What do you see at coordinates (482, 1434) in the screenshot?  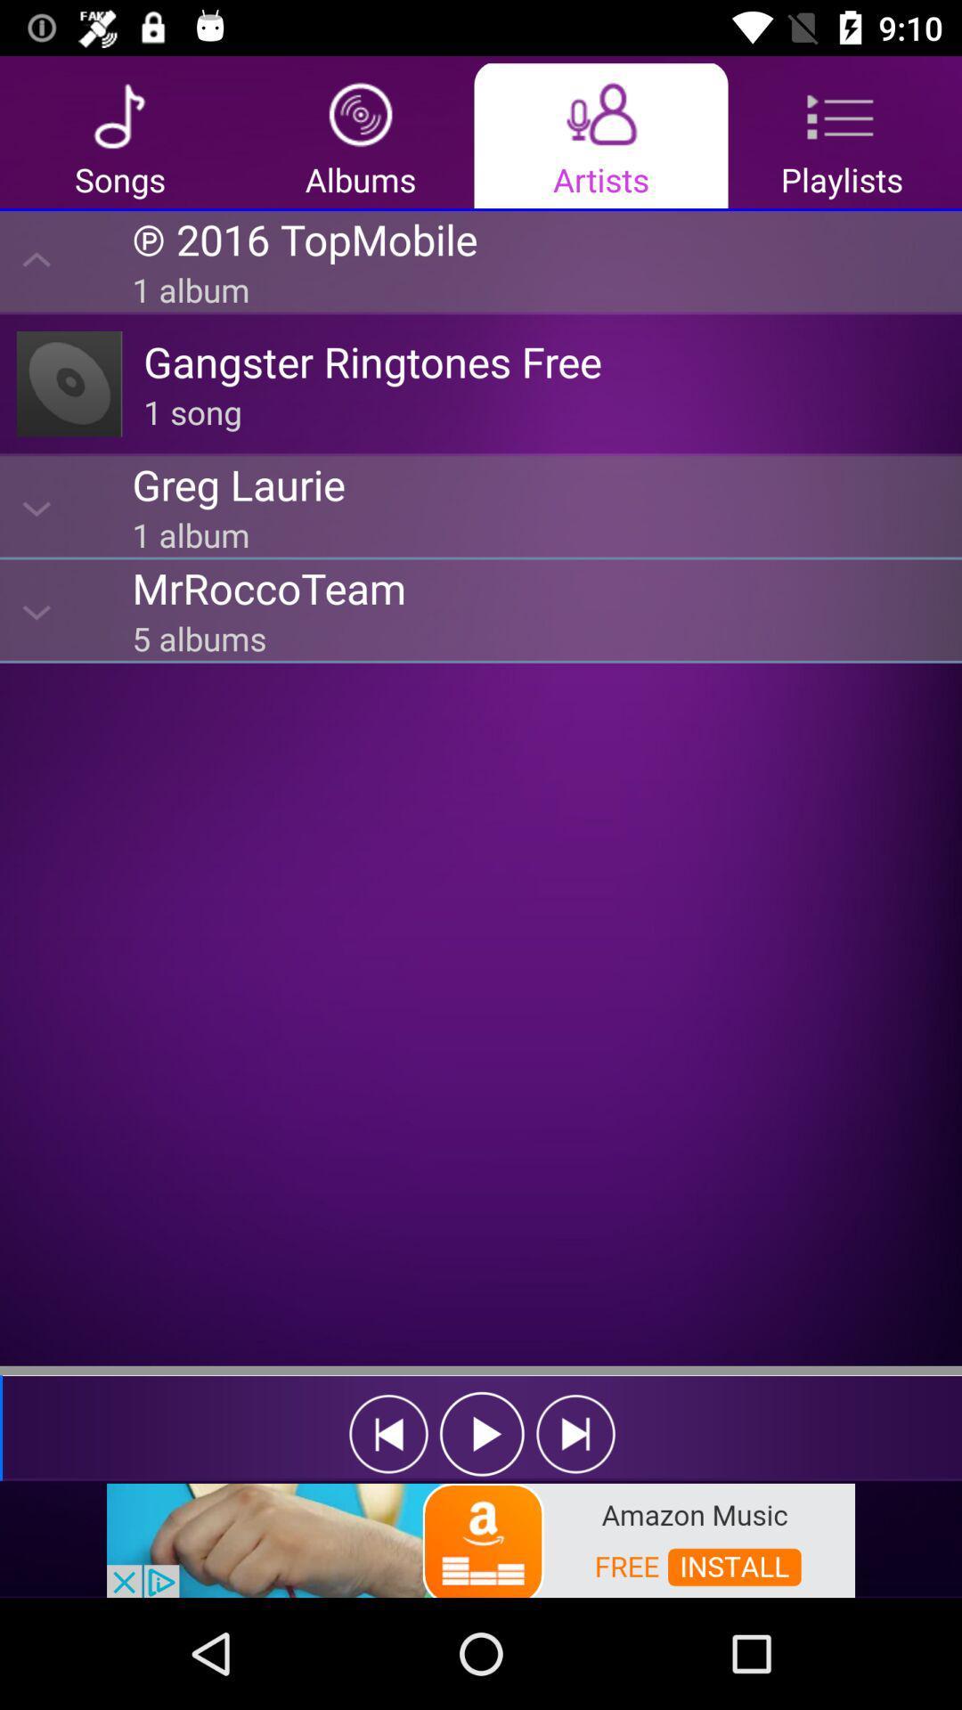 I see `the play icon` at bounding box center [482, 1434].